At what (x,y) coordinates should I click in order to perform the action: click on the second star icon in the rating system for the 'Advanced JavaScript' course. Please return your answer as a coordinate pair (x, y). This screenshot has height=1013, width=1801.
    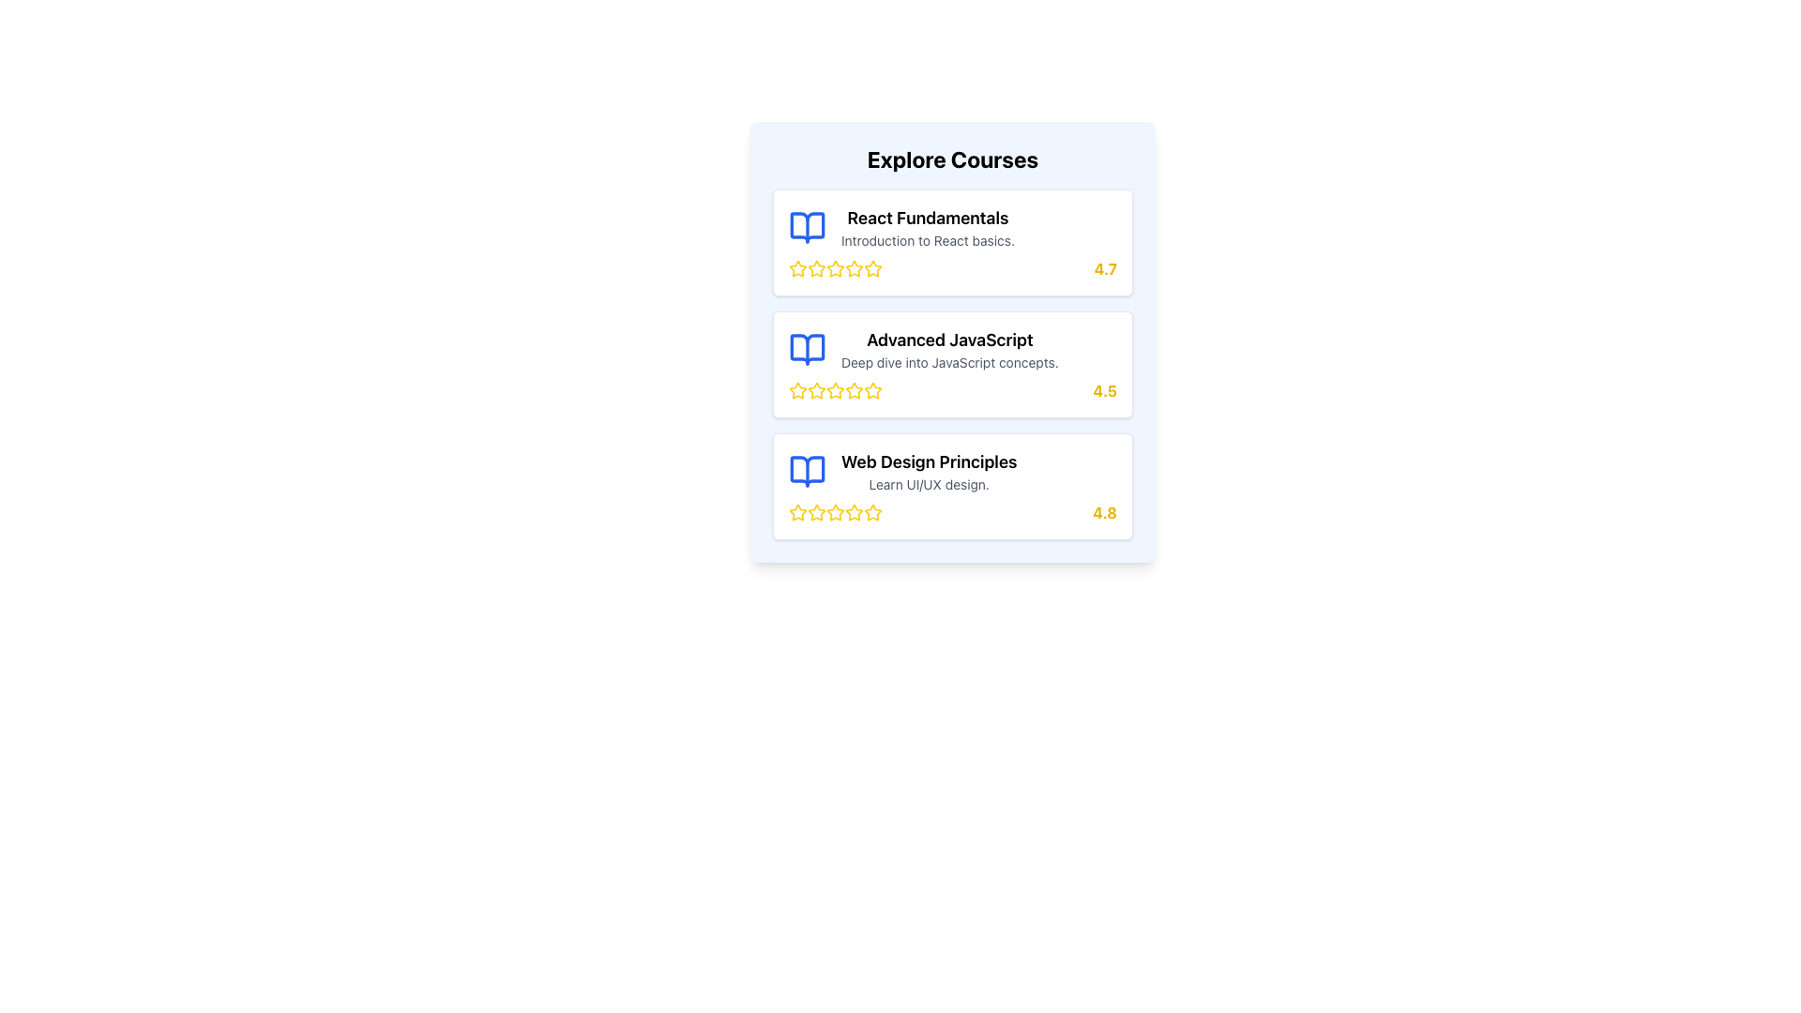
    Looking at the image, I should click on (815, 389).